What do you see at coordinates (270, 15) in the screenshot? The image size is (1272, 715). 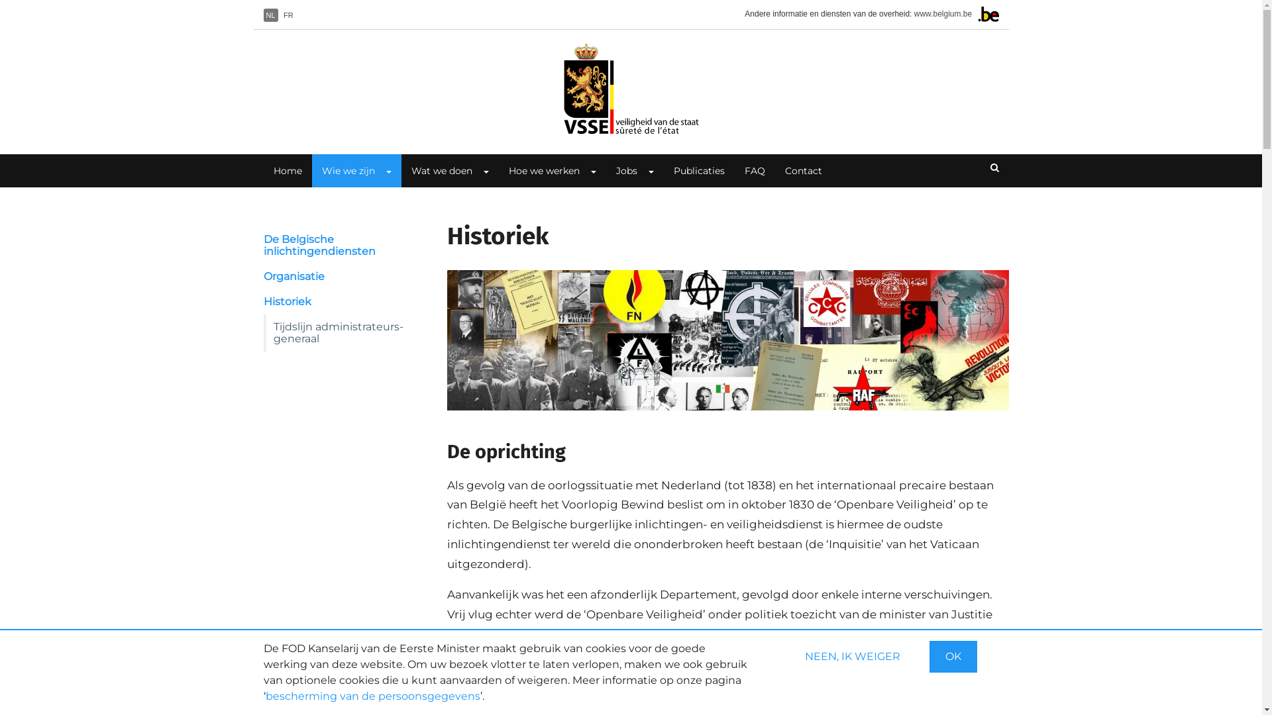 I see `'NL'` at bounding box center [270, 15].